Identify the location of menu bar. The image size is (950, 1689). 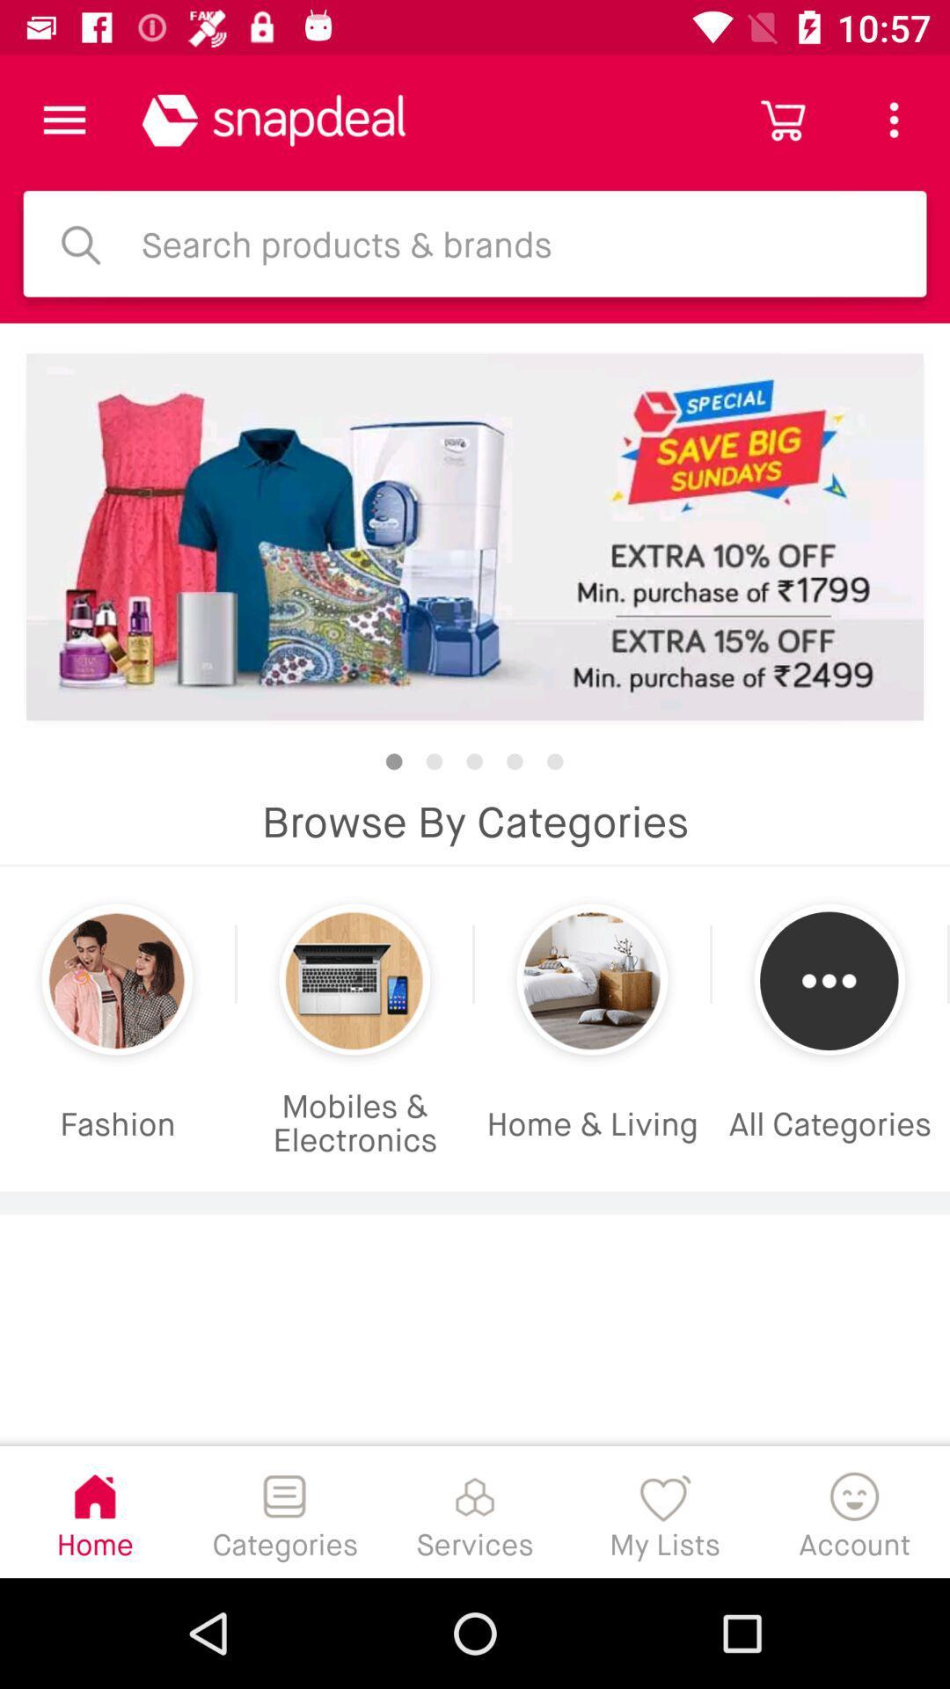
(63, 119).